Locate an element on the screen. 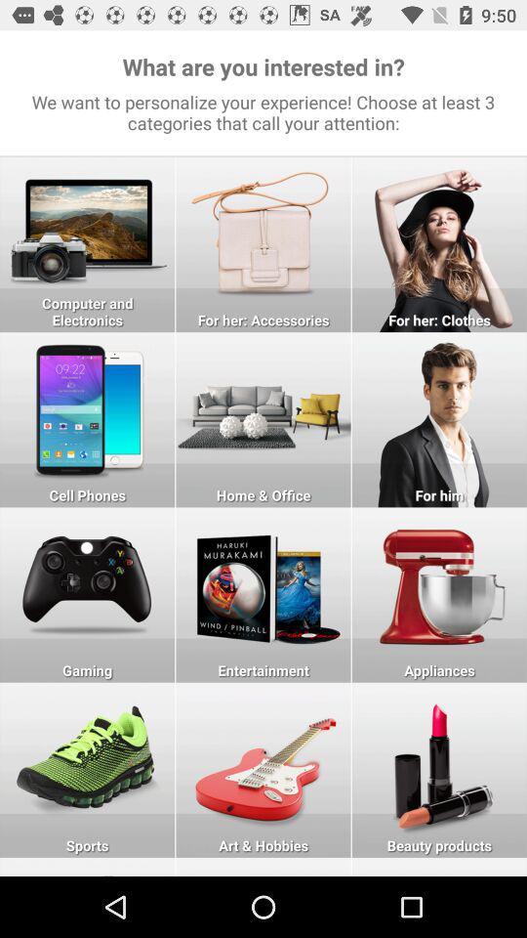  cell phones as interest is located at coordinates (86, 419).